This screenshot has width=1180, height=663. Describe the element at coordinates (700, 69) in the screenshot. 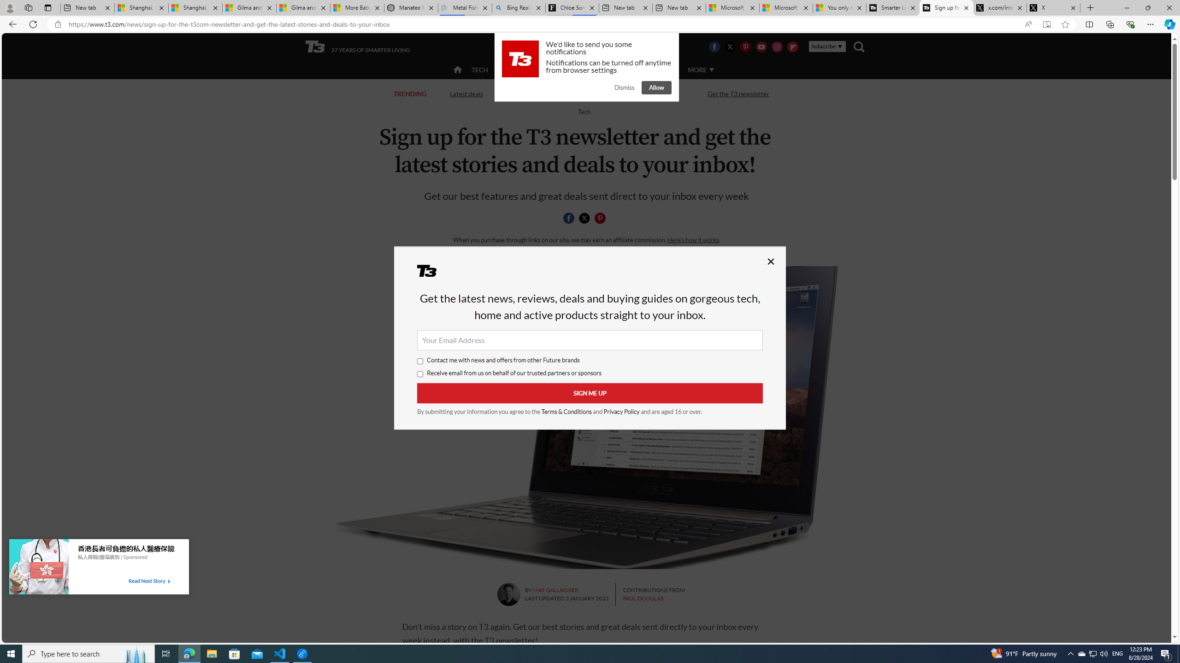

I see `'MORE '` at that location.